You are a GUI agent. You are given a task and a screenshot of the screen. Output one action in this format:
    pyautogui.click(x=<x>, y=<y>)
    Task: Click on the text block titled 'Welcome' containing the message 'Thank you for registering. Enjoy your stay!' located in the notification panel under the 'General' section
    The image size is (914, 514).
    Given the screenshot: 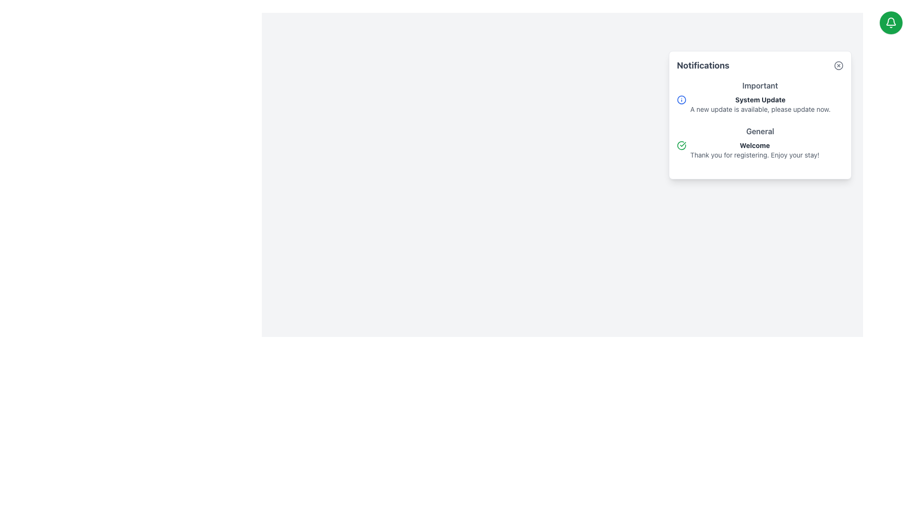 What is the action you would take?
    pyautogui.click(x=754, y=150)
    